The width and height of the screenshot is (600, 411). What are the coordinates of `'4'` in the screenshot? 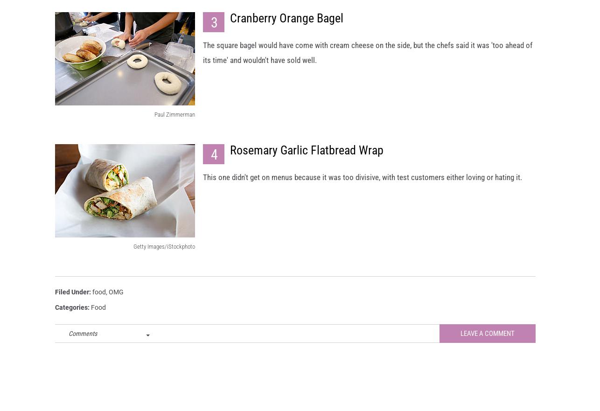 It's located at (210, 162).